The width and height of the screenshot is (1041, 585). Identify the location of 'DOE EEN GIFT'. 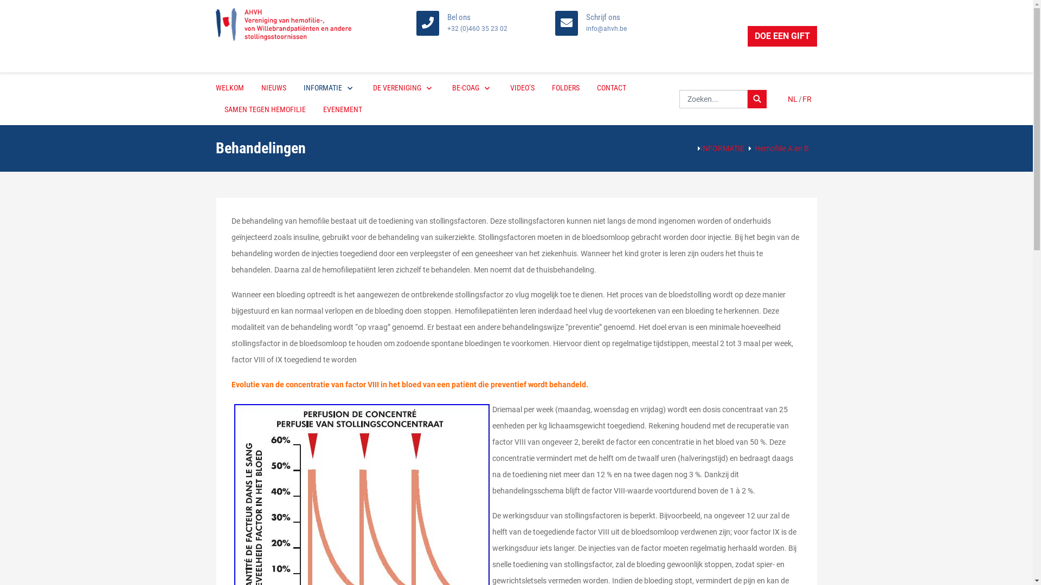
(747, 35).